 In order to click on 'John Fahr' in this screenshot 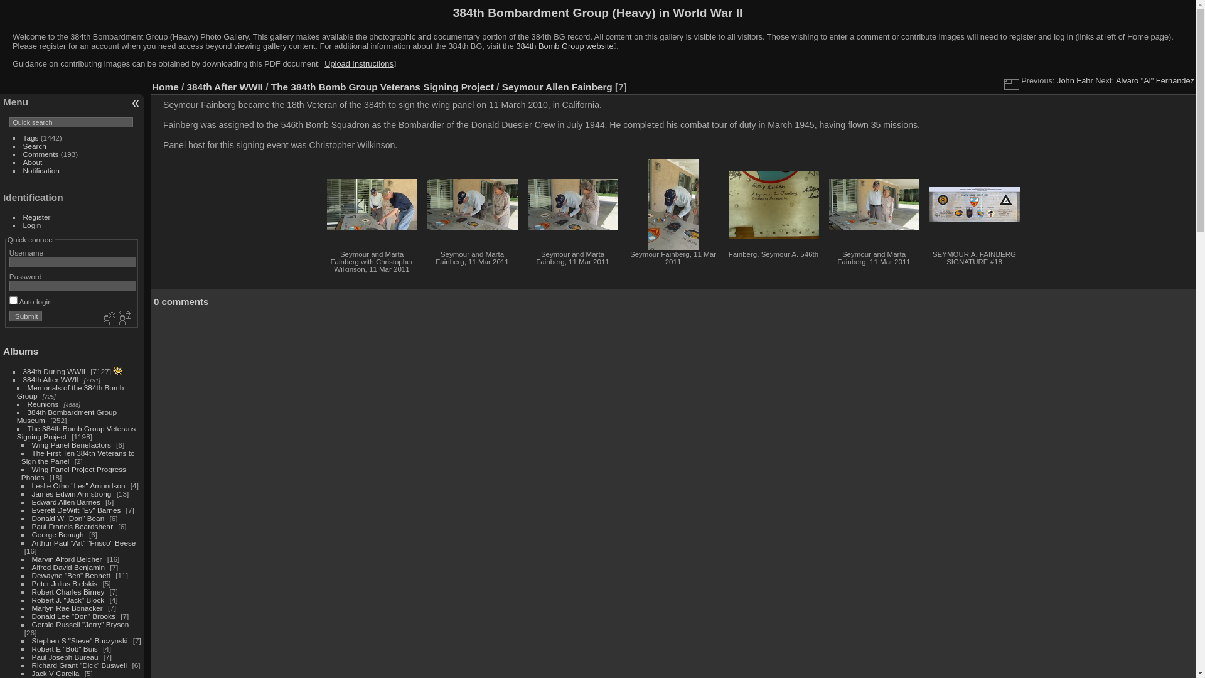, I will do `click(1074, 80)`.